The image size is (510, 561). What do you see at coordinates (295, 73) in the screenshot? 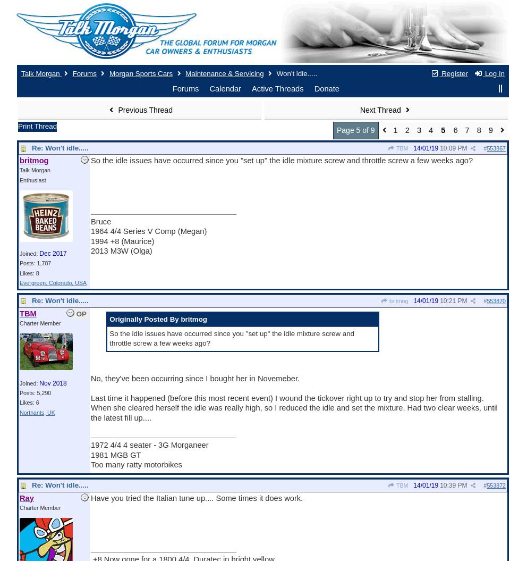
I see `'Won't idle.....'` at bounding box center [295, 73].